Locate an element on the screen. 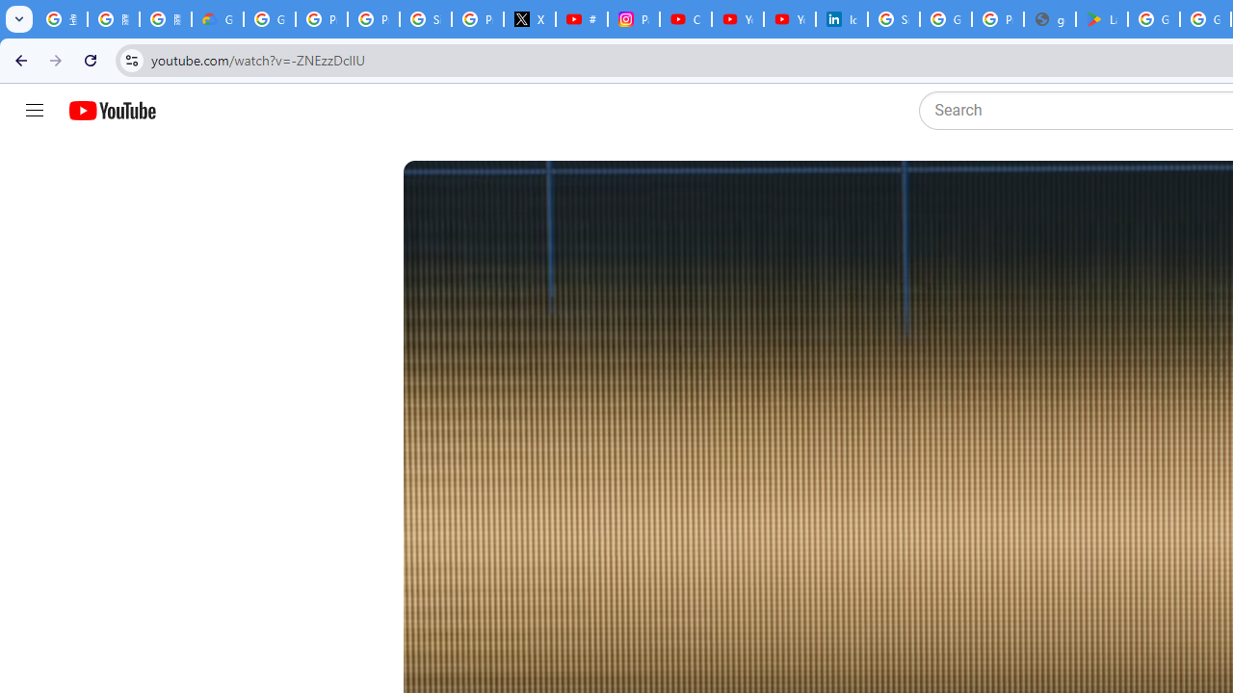 This screenshot has height=693, width=1233. 'YouTube Home' is located at coordinates (111, 111).